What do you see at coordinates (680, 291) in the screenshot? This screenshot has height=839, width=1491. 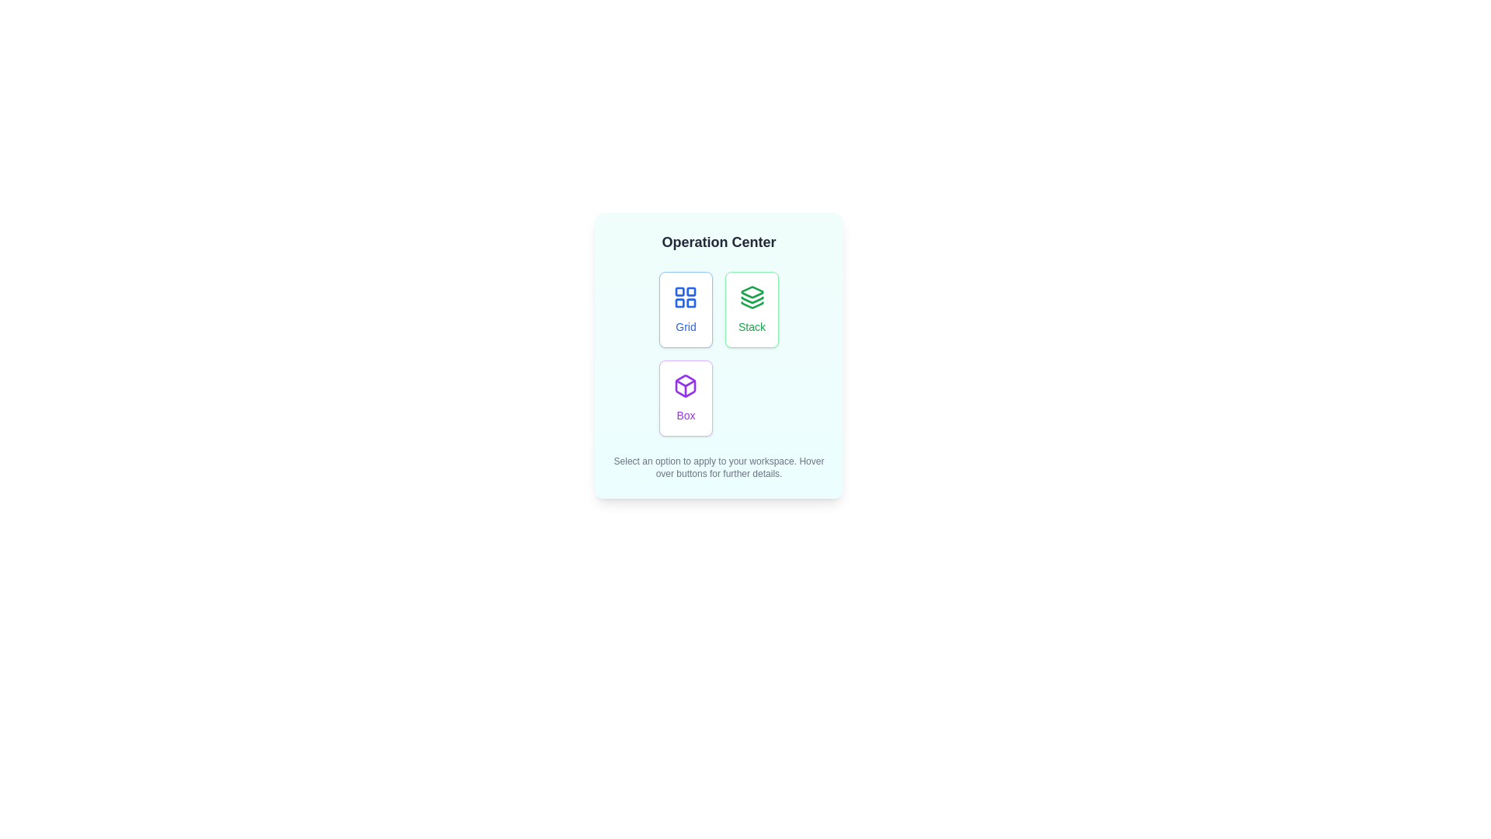 I see `the top-left rectangle of the grid button icon, which represents an option related to layout or grouping in the workspace` at bounding box center [680, 291].